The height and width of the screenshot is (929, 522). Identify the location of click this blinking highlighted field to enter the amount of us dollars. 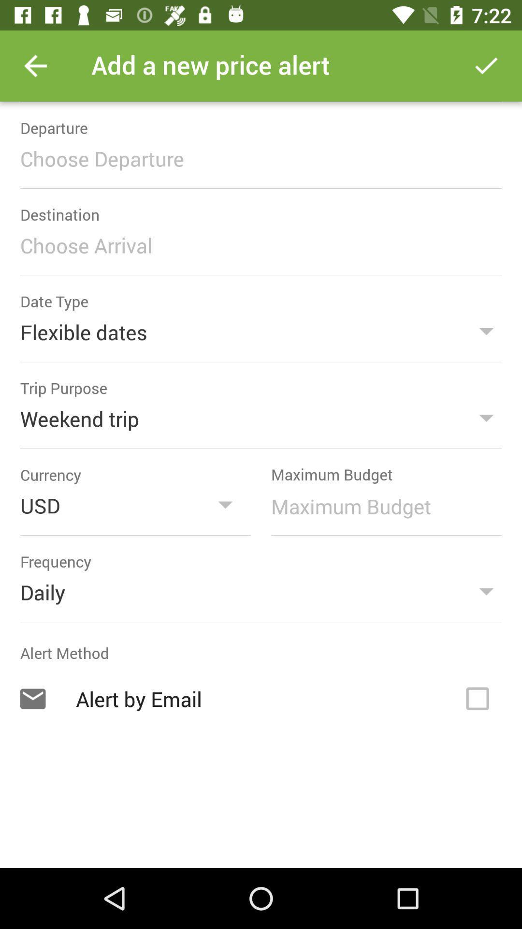
(381, 506).